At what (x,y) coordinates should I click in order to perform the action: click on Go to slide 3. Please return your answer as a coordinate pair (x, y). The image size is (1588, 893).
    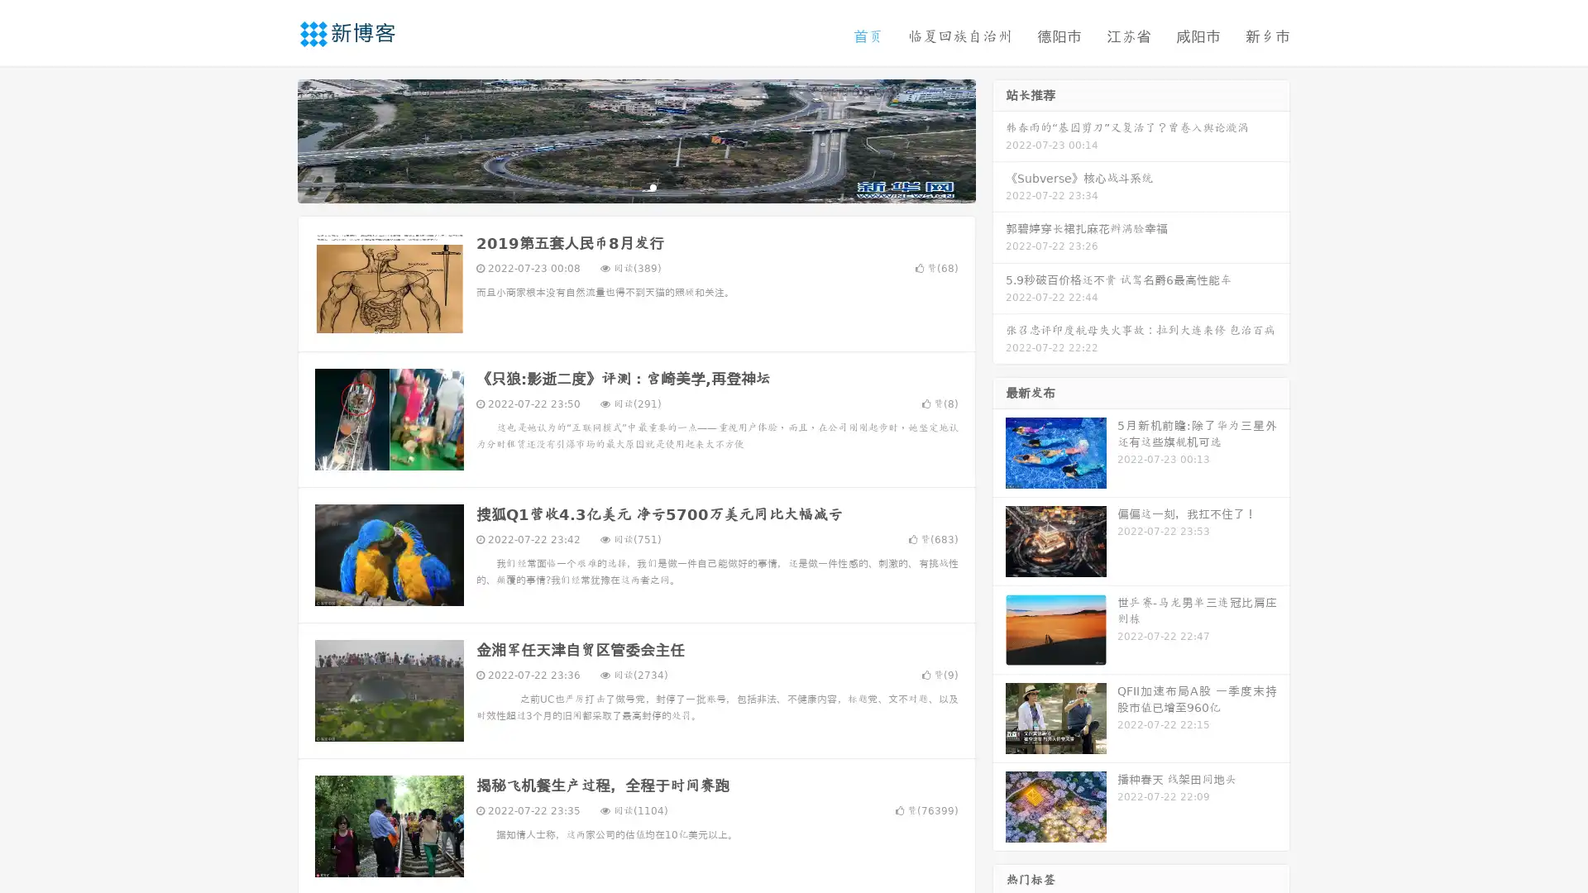
    Looking at the image, I should click on (653, 186).